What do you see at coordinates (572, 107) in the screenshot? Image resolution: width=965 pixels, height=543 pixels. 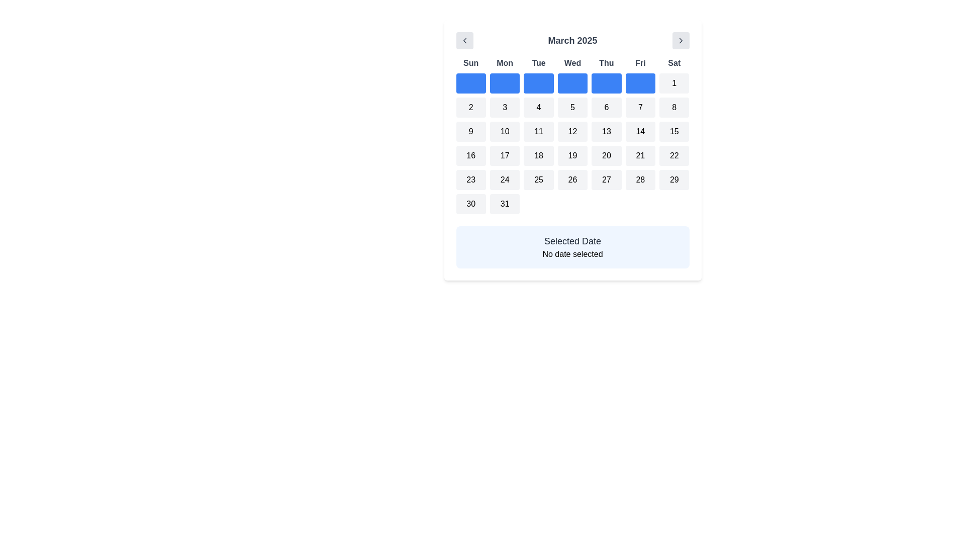 I see `the selectable date '5' in the calendar grid under the Wednesday column` at bounding box center [572, 107].